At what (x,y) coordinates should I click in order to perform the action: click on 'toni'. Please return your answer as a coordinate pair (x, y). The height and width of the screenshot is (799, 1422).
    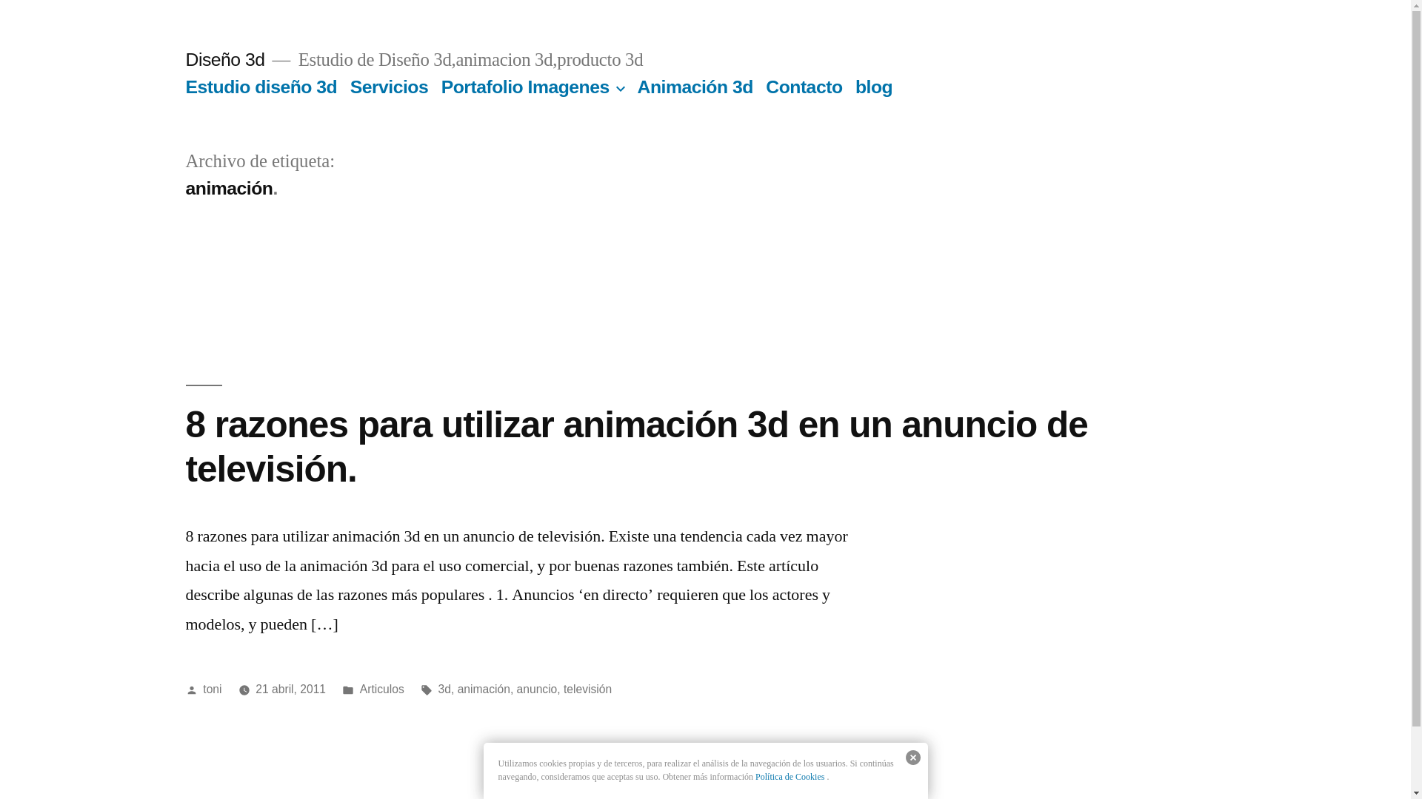
    Looking at the image, I should click on (211, 689).